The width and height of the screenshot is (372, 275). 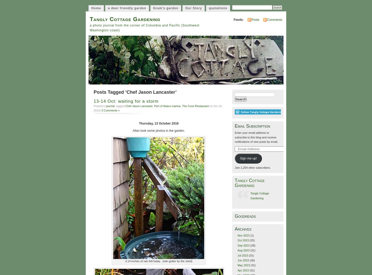 What do you see at coordinates (234, 126) in the screenshot?
I see `'Email Subscription'` at bounding box center [234, 126].